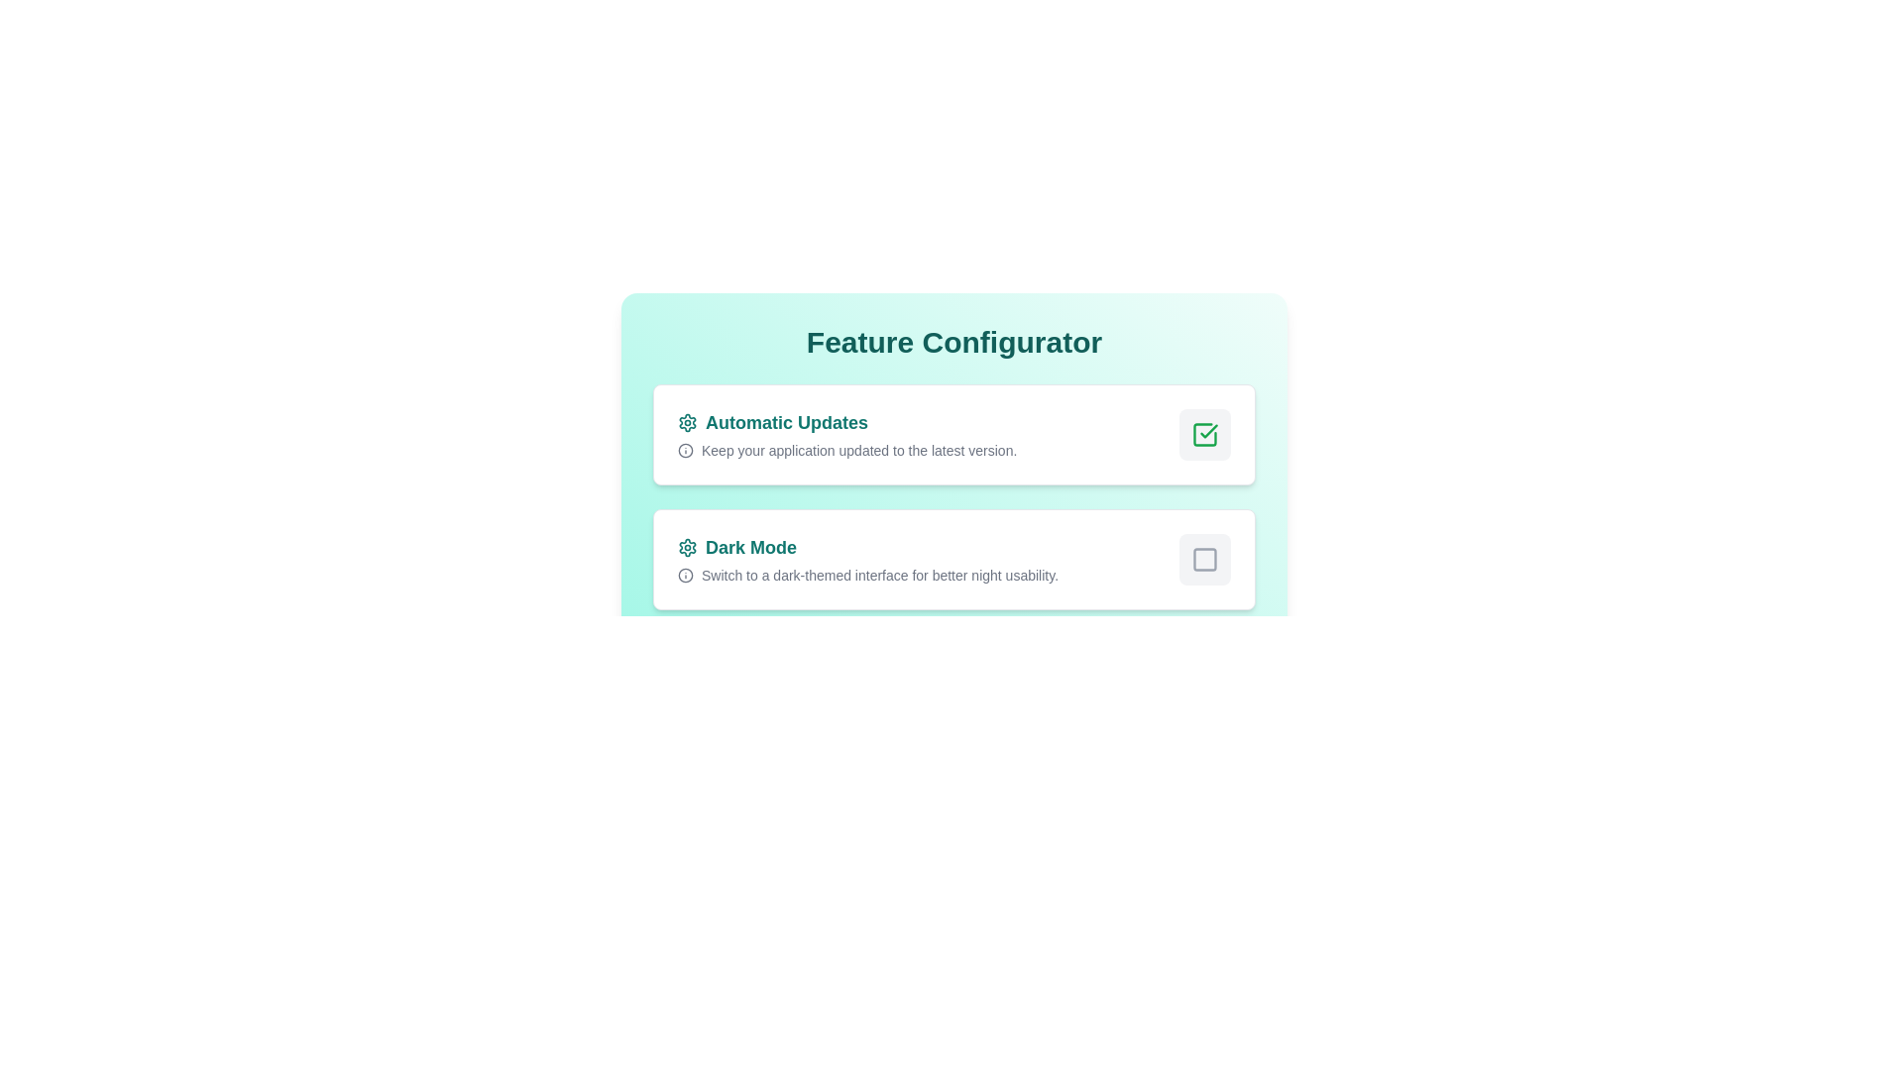 The image size is (1903, 1070). Describe the element at coordinates (685, 451) in the screenshot. I see `the circular icon element representing the information symbol, which is positioned immediately to the left of the text labeled 'Automatic Updates' in the feature configurator interface` at that location.